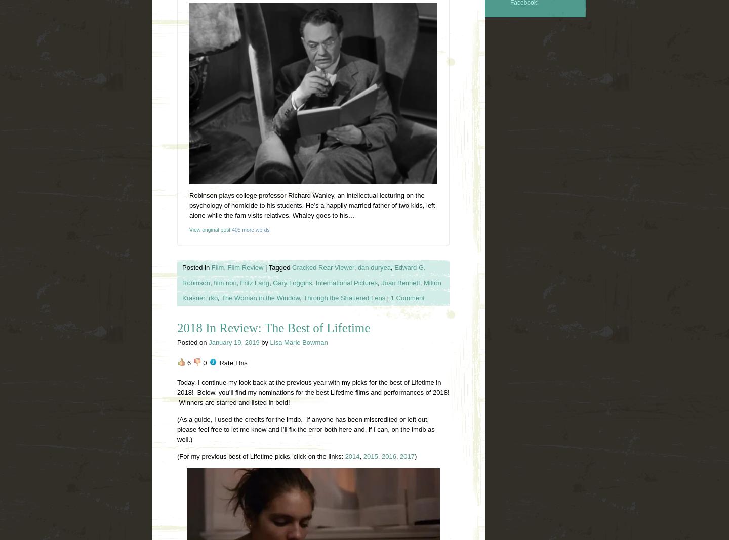 Image resolution: width=729 pixels, height=540 pixels. What do you see at coordinates (370, 455) in the screenshot?
I see `'2015'` at bounding box center [370, 455].